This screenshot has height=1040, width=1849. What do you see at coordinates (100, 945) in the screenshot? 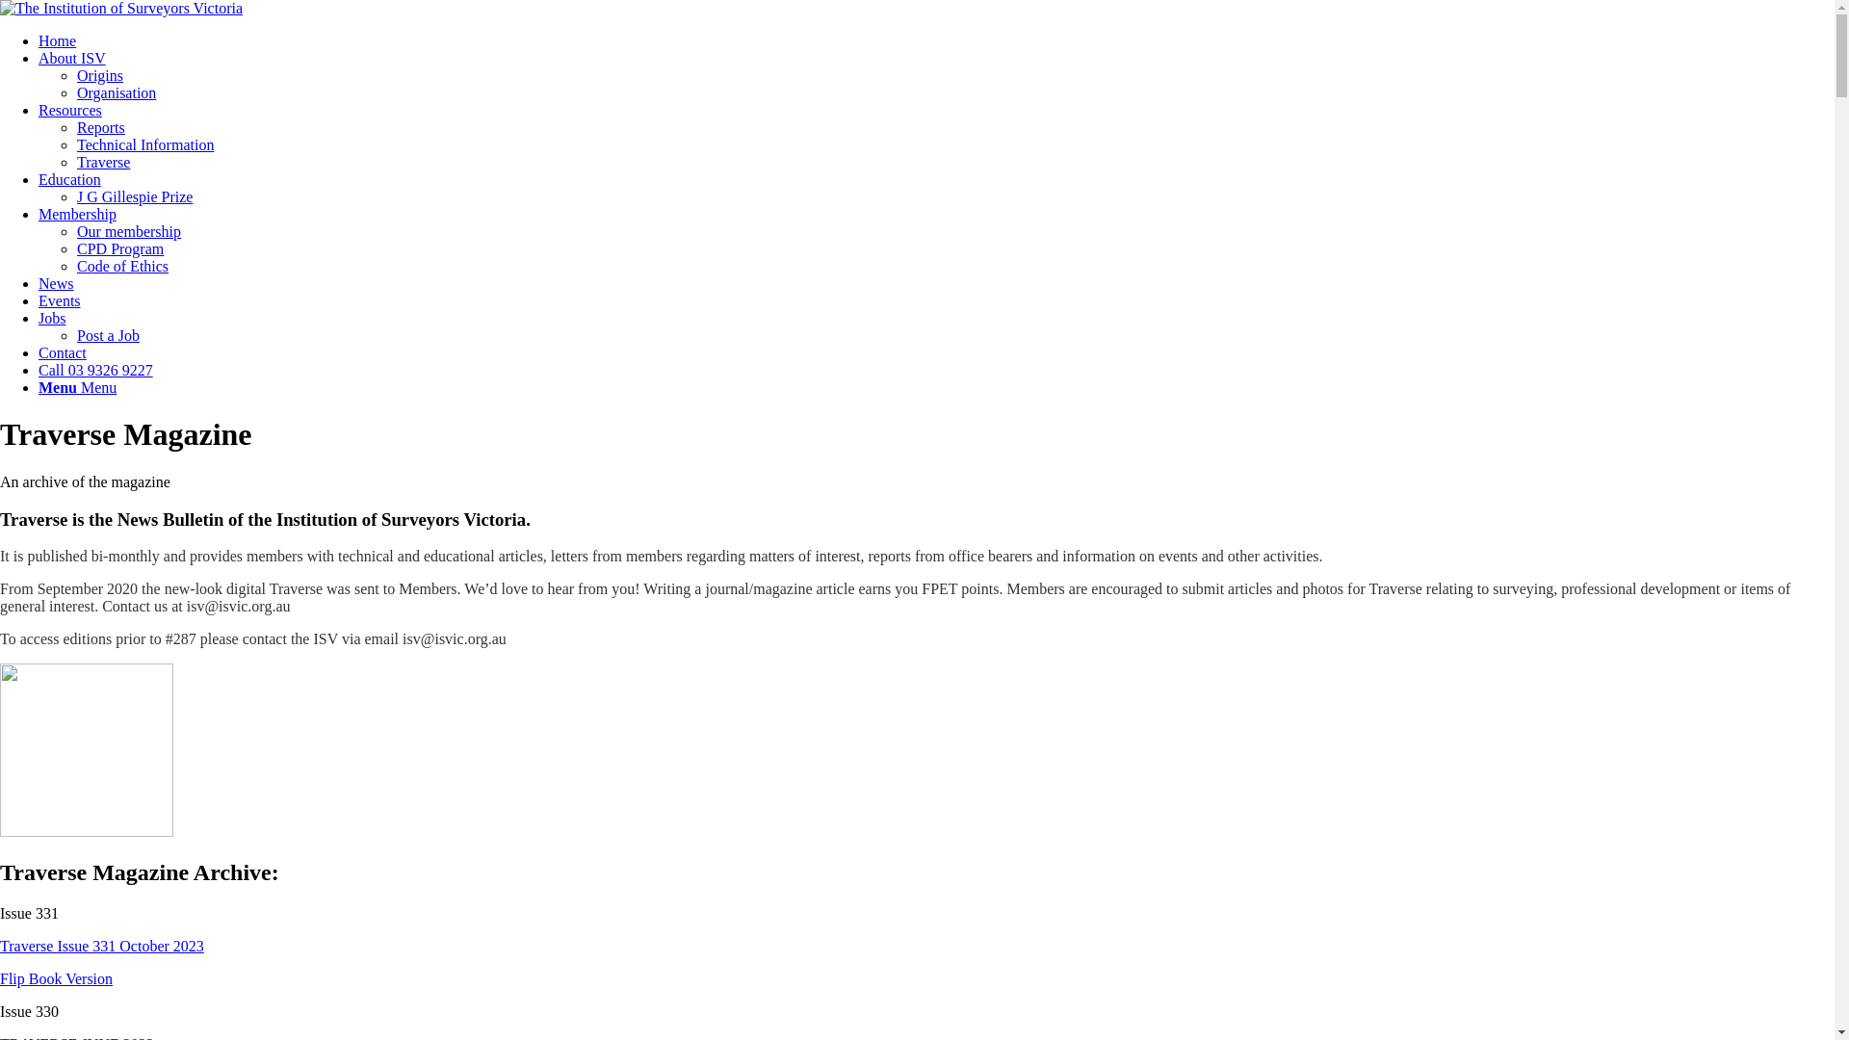
I see `'Traverse Issue 331 October 2023'` at bounding box center [100, 945].